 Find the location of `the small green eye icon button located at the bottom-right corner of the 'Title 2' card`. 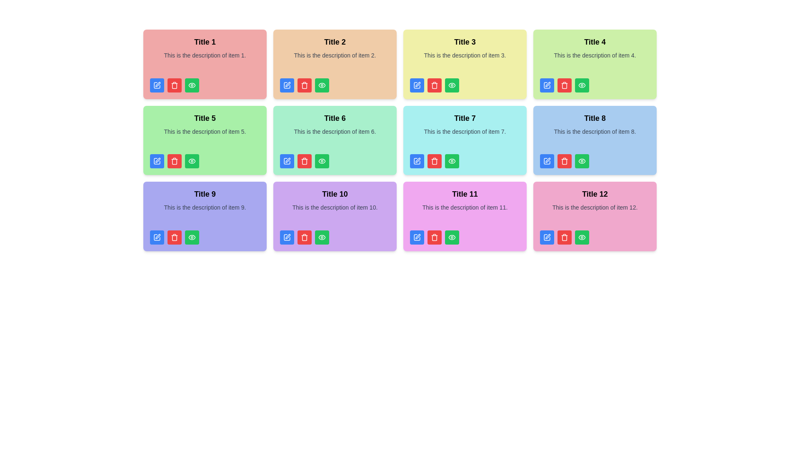

the small green eye icon button located at the bottom-right corner of the 'Title 2' card is located at coordinates (321, 85).